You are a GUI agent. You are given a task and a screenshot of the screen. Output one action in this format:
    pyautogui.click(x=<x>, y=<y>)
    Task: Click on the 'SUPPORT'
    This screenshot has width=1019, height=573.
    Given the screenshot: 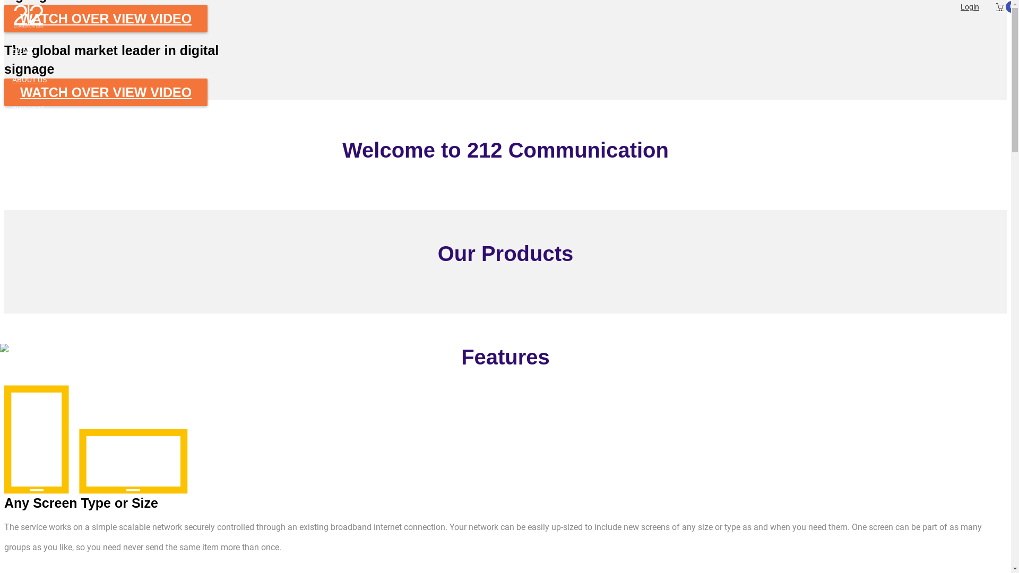 What is the action you would take?
    pyautogui.click(x=511, y=109)
    